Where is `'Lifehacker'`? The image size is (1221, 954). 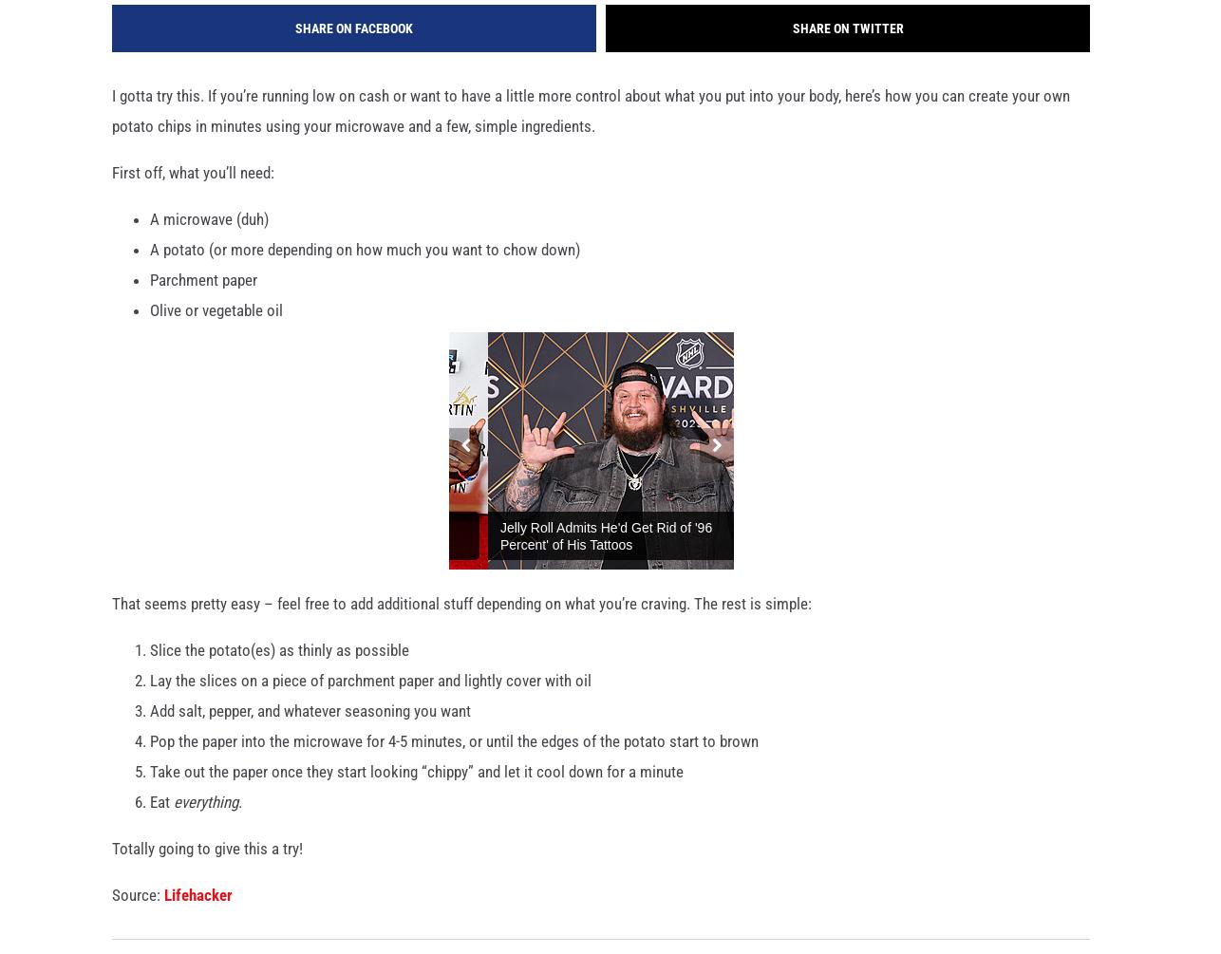
'Lifehacker' is located at coordinates (197, 903).